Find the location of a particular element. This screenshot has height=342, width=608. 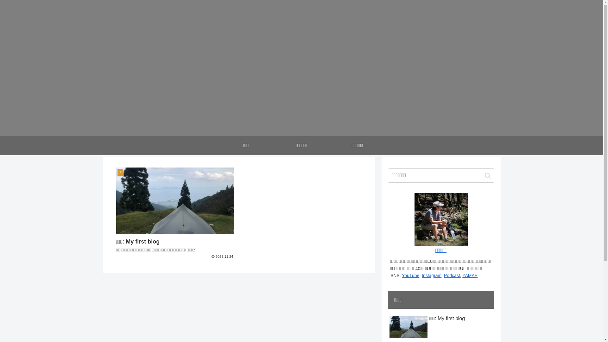

'YouTube' is located at coordinates (410, 275).